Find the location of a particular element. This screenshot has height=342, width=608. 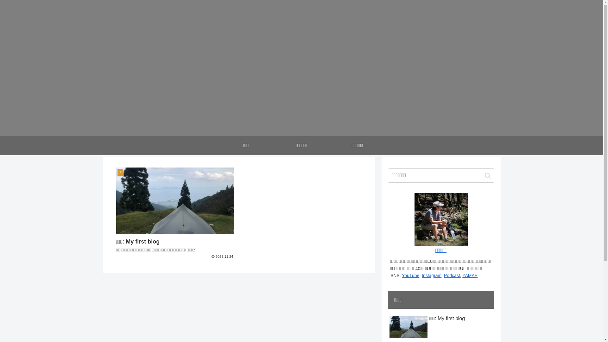

'YouTube' is located at coordinates (410, 275).